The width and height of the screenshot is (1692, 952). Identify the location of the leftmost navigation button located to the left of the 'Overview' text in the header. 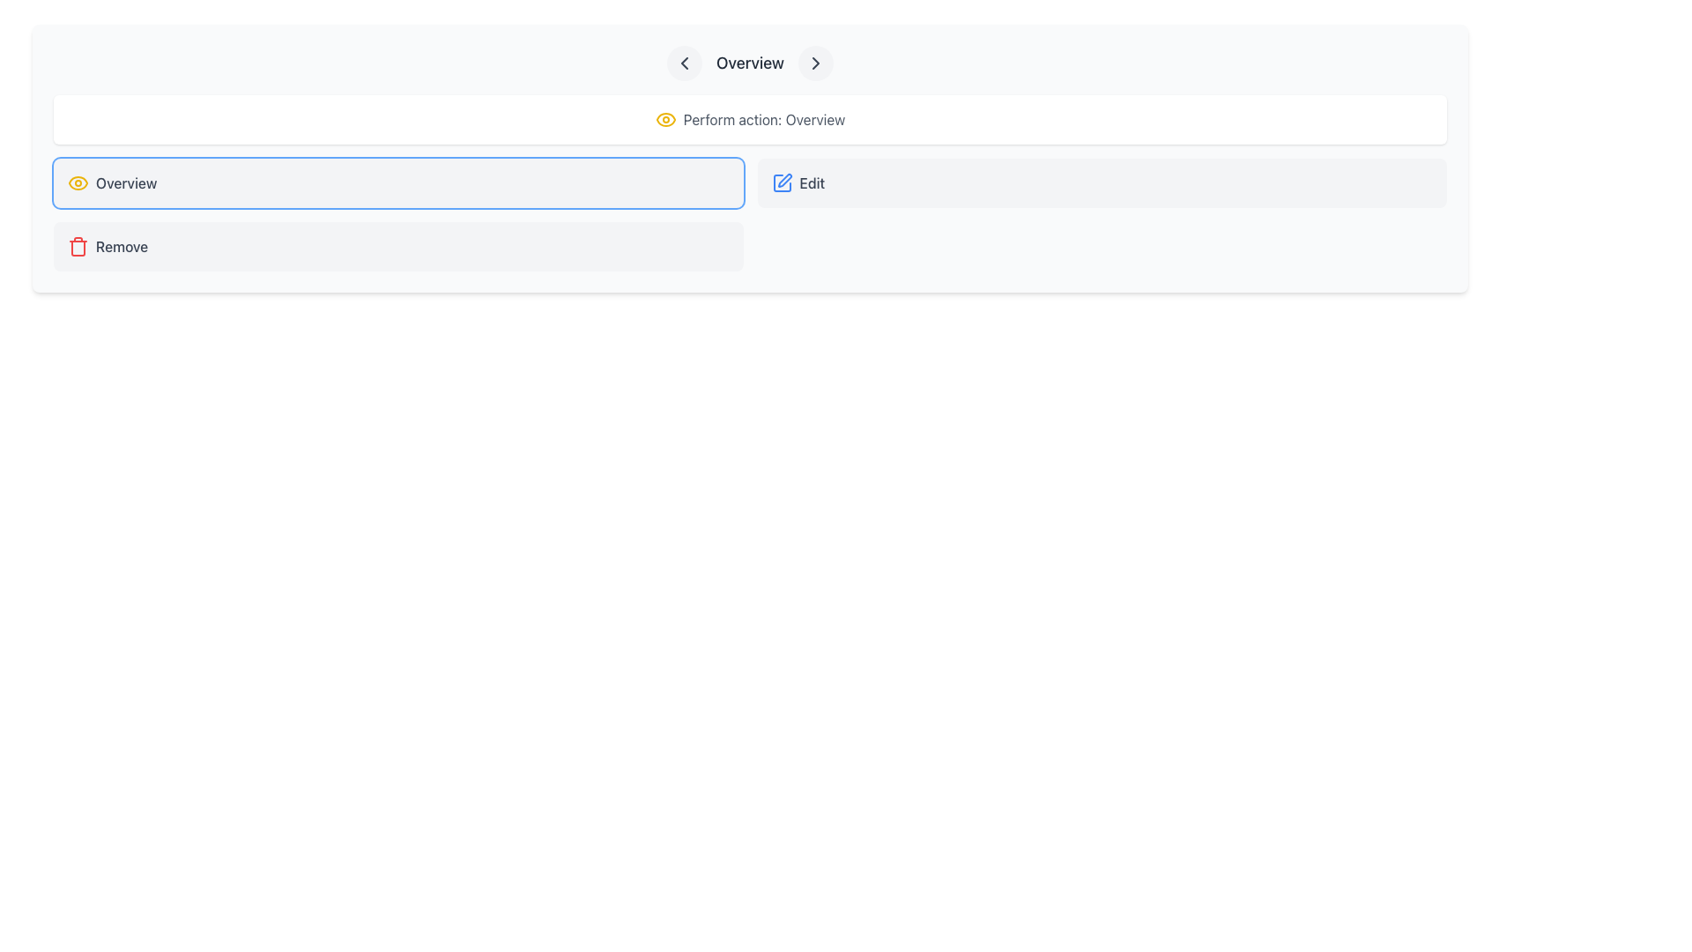
(684, 63).